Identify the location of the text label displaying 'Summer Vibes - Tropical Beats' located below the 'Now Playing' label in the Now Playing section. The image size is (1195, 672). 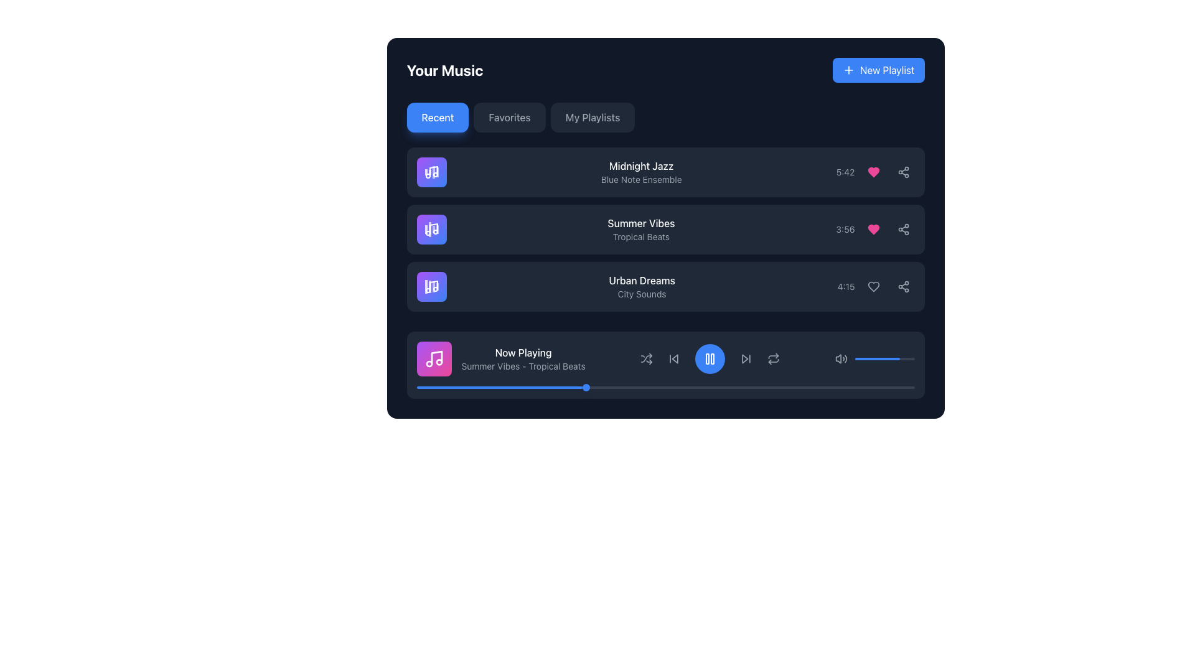
(523, 366).